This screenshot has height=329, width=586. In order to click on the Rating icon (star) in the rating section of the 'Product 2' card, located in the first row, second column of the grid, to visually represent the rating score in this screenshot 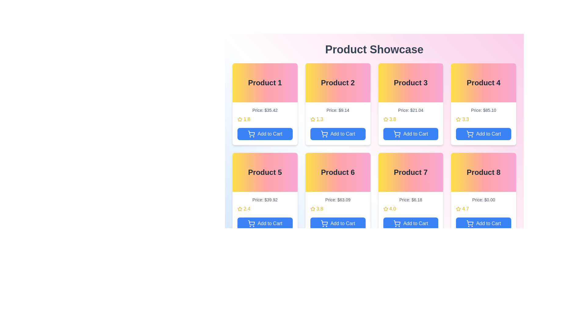, I will do `click(313, 119)`.